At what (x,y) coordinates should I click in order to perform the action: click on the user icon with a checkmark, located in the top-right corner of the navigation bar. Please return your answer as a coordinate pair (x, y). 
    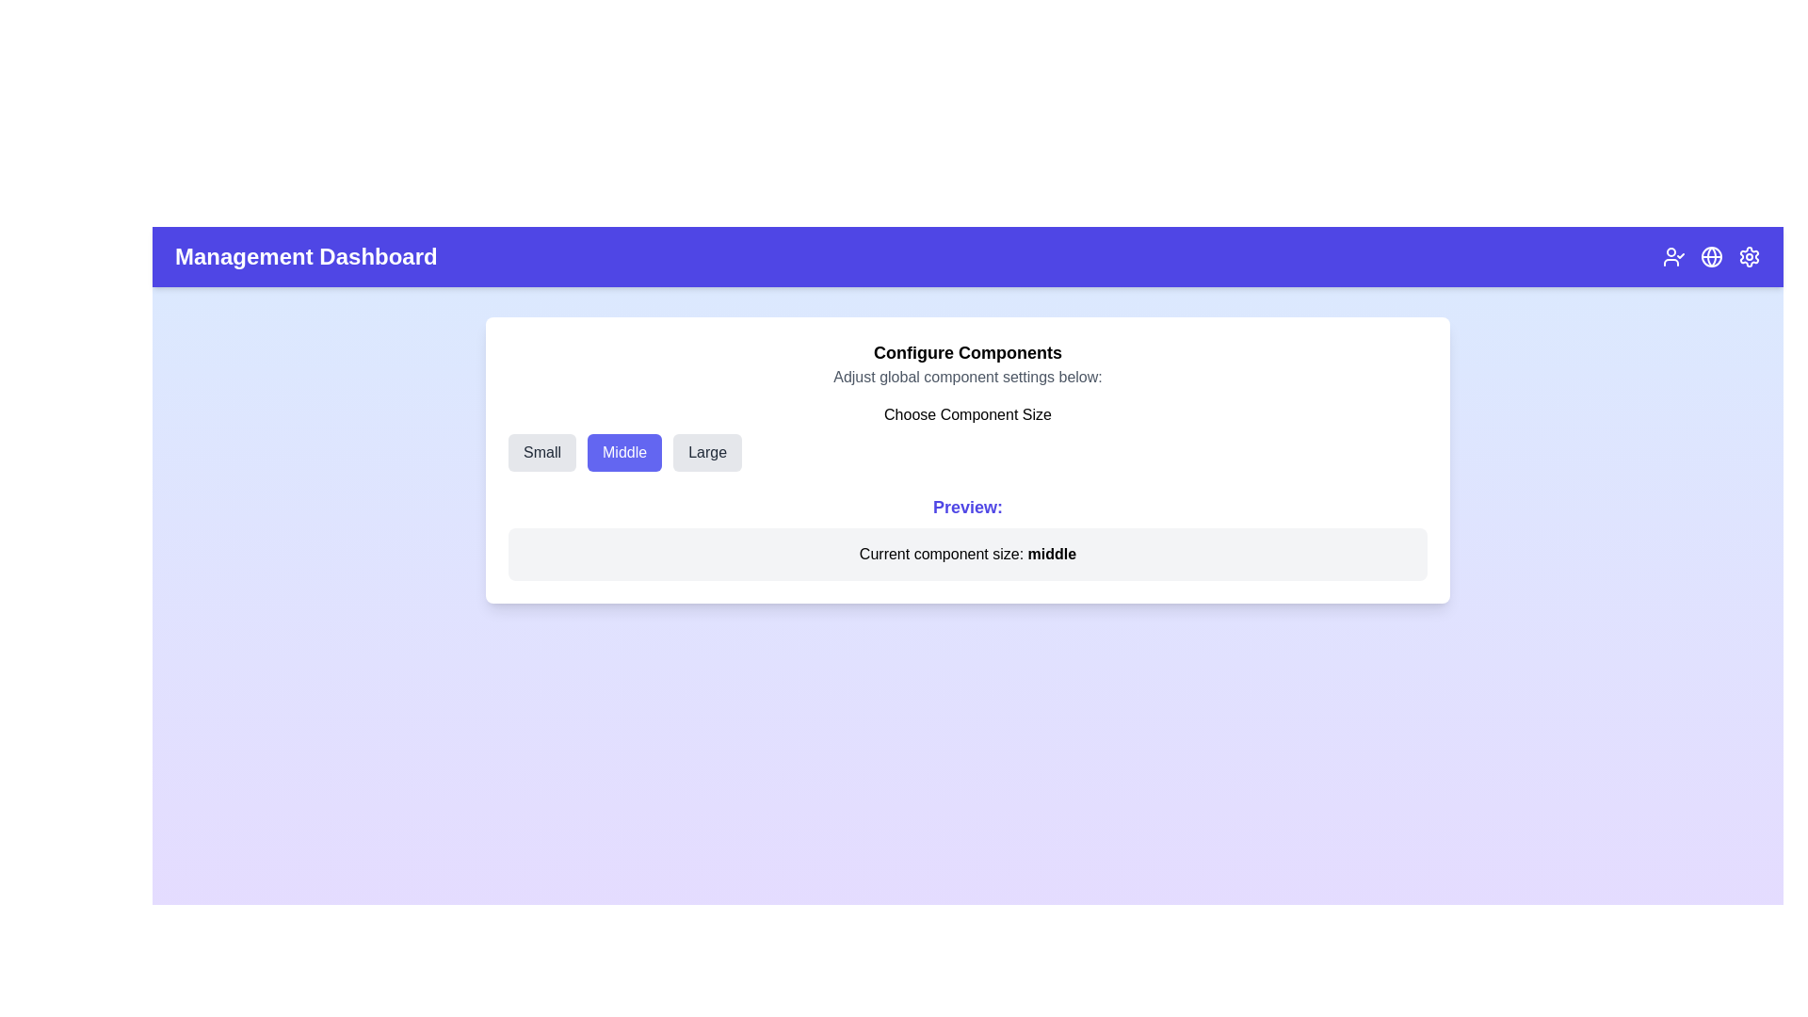
    Looking at the image, I should click on (1673, 257).